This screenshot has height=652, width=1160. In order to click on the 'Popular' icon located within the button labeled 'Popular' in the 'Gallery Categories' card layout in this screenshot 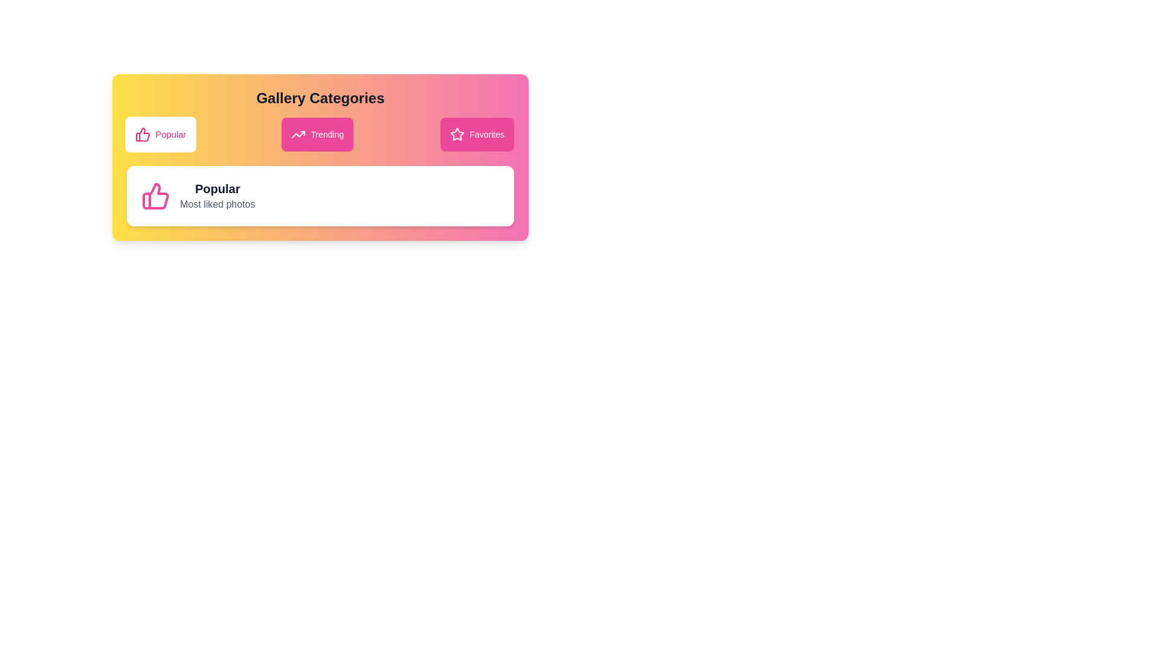, I will do `click(155, 195)`.